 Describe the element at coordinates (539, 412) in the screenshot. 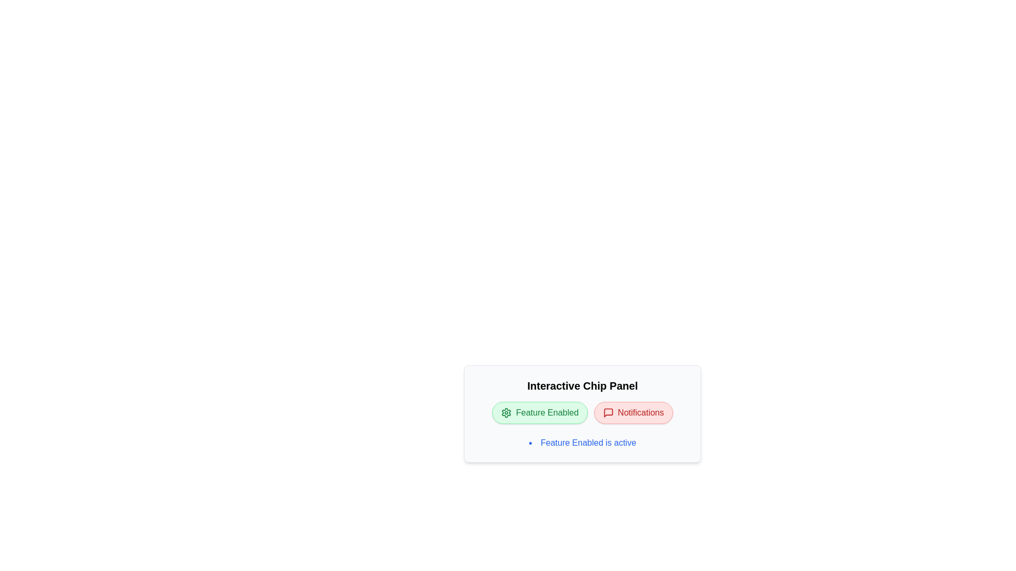

I see `the "Feature Enabled" chip to toggle its active state` at that location.